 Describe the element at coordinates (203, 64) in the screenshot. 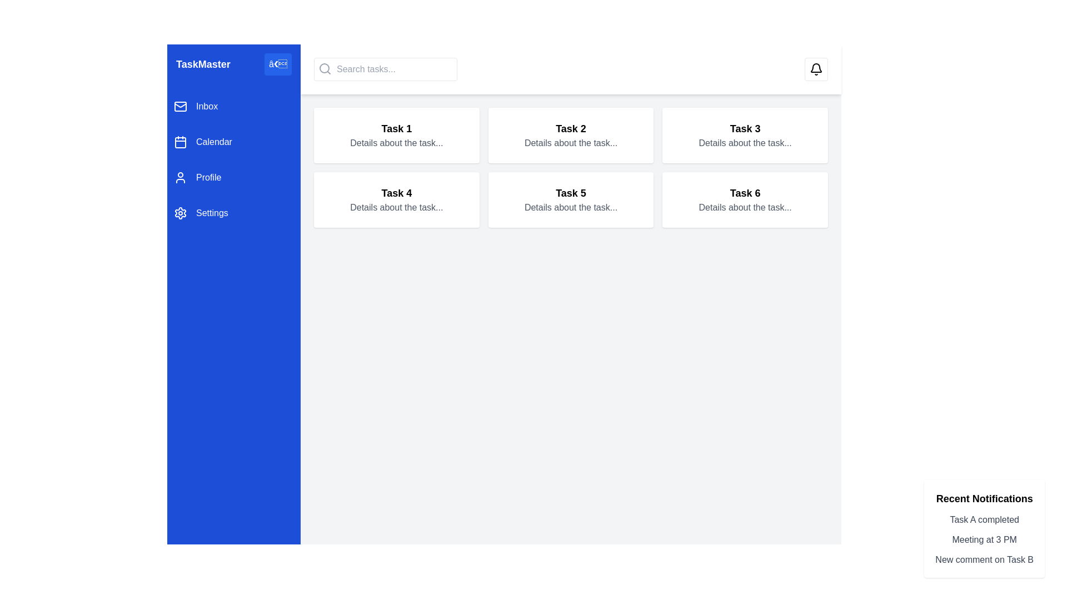

I see `the bold 'TaskMaster' text label located in the top-left corner of the sidebar, which is styled against a blue background` at that location.